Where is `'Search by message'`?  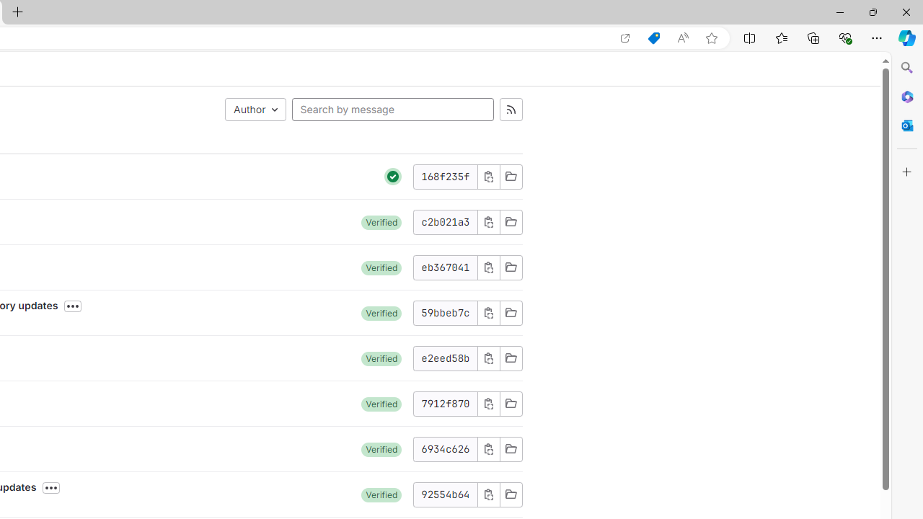
'Search by message' is located at coordinates (392, 108).